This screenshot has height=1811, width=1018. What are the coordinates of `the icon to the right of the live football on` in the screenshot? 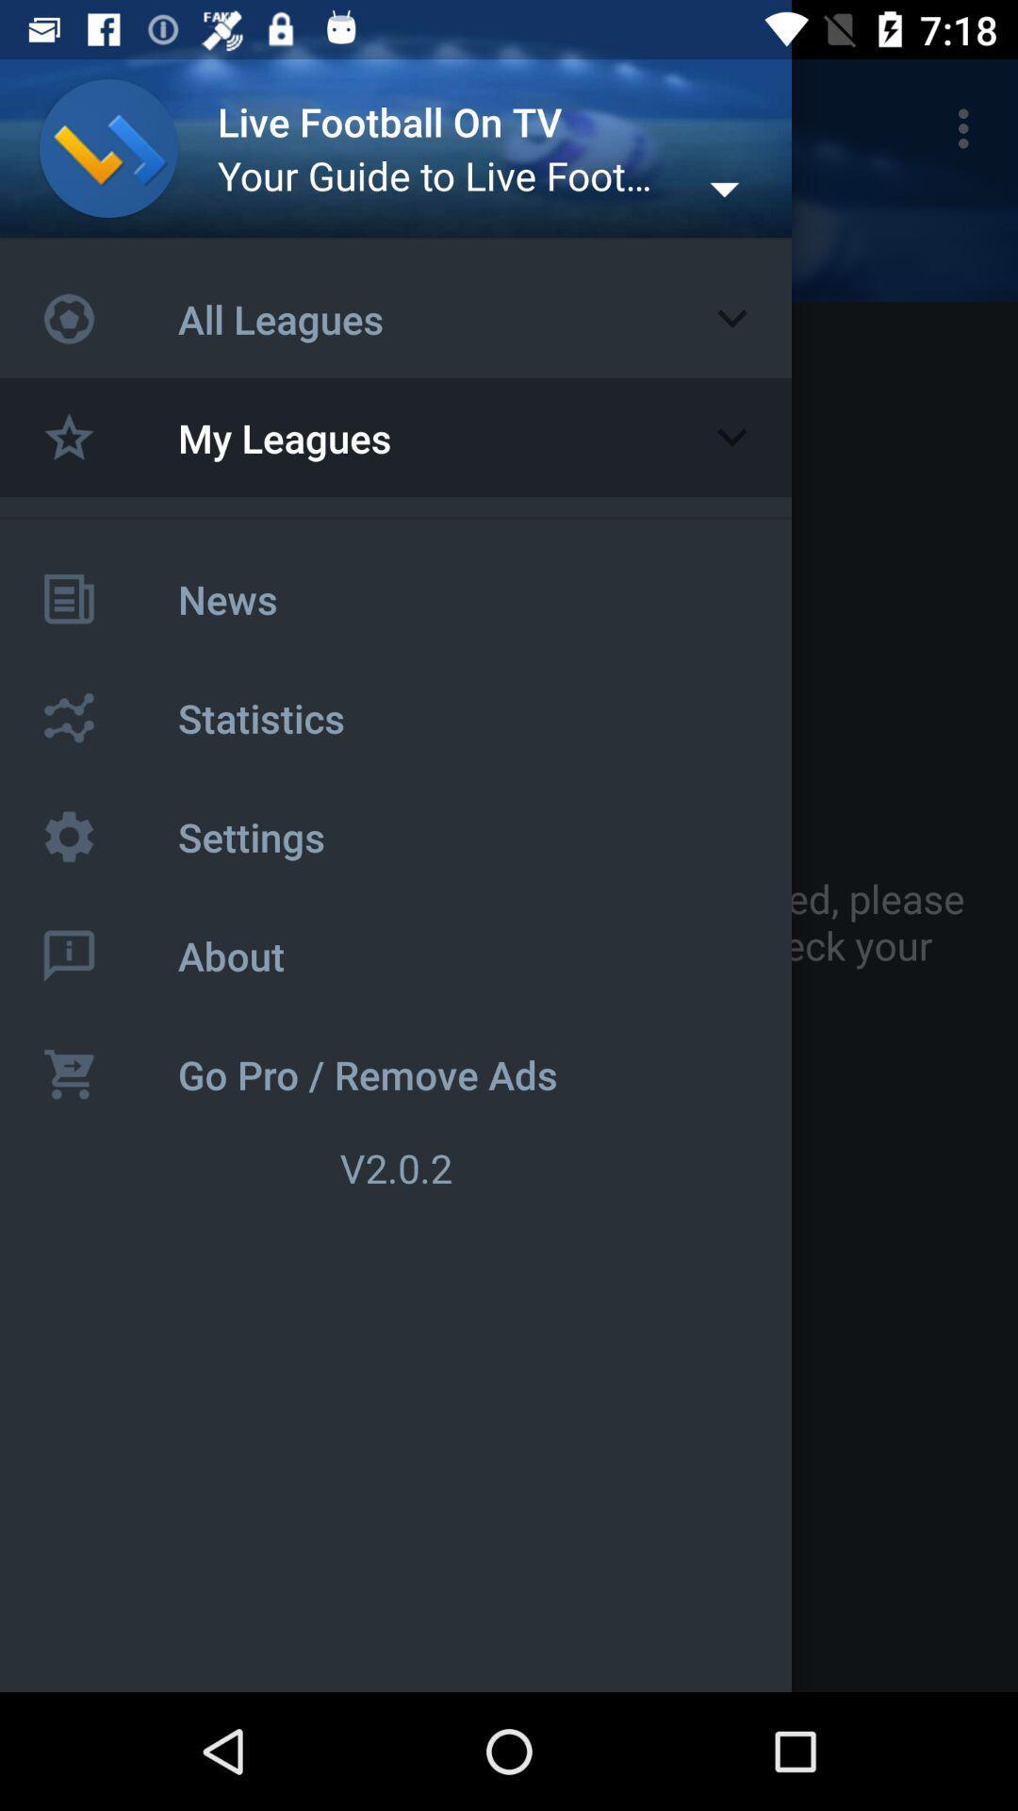 It's located at (968, 127).